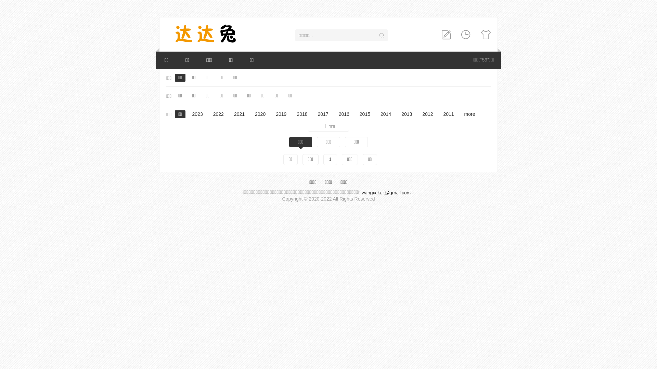 The width and height of the screenshot is (657, 369). Describe the element at coordinates (239, 114) in the screenshot. I see `'2021'` at that location.